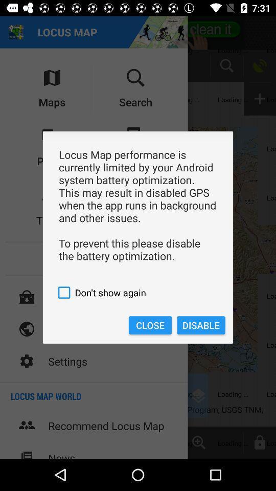  I want to click on close icon, so click(149, 325).